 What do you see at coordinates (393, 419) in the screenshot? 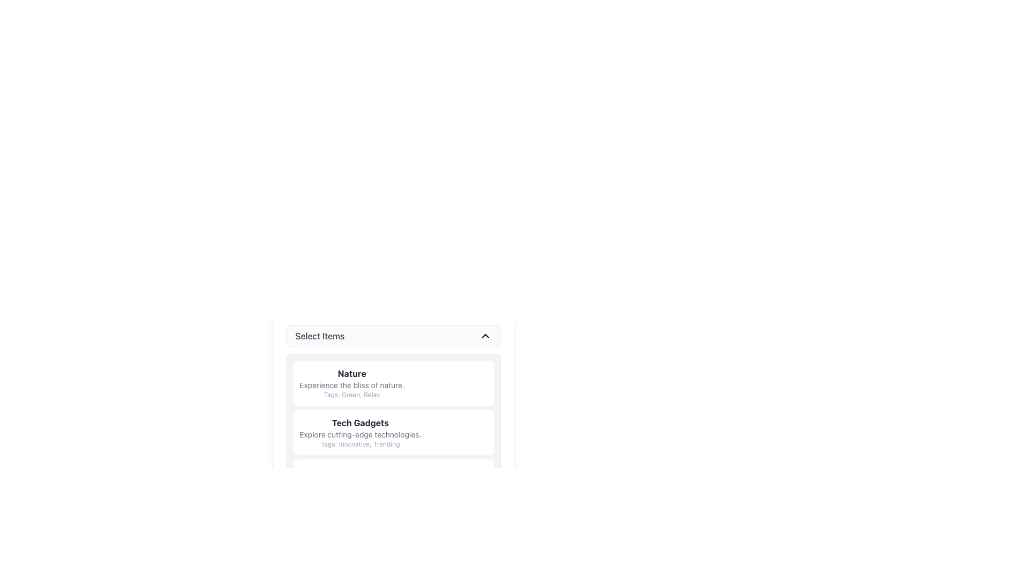
I see `the second card component titled 'Tech Gadgets' in the vertical list below the 'Select Items' section` at bounding box center [393, 419].